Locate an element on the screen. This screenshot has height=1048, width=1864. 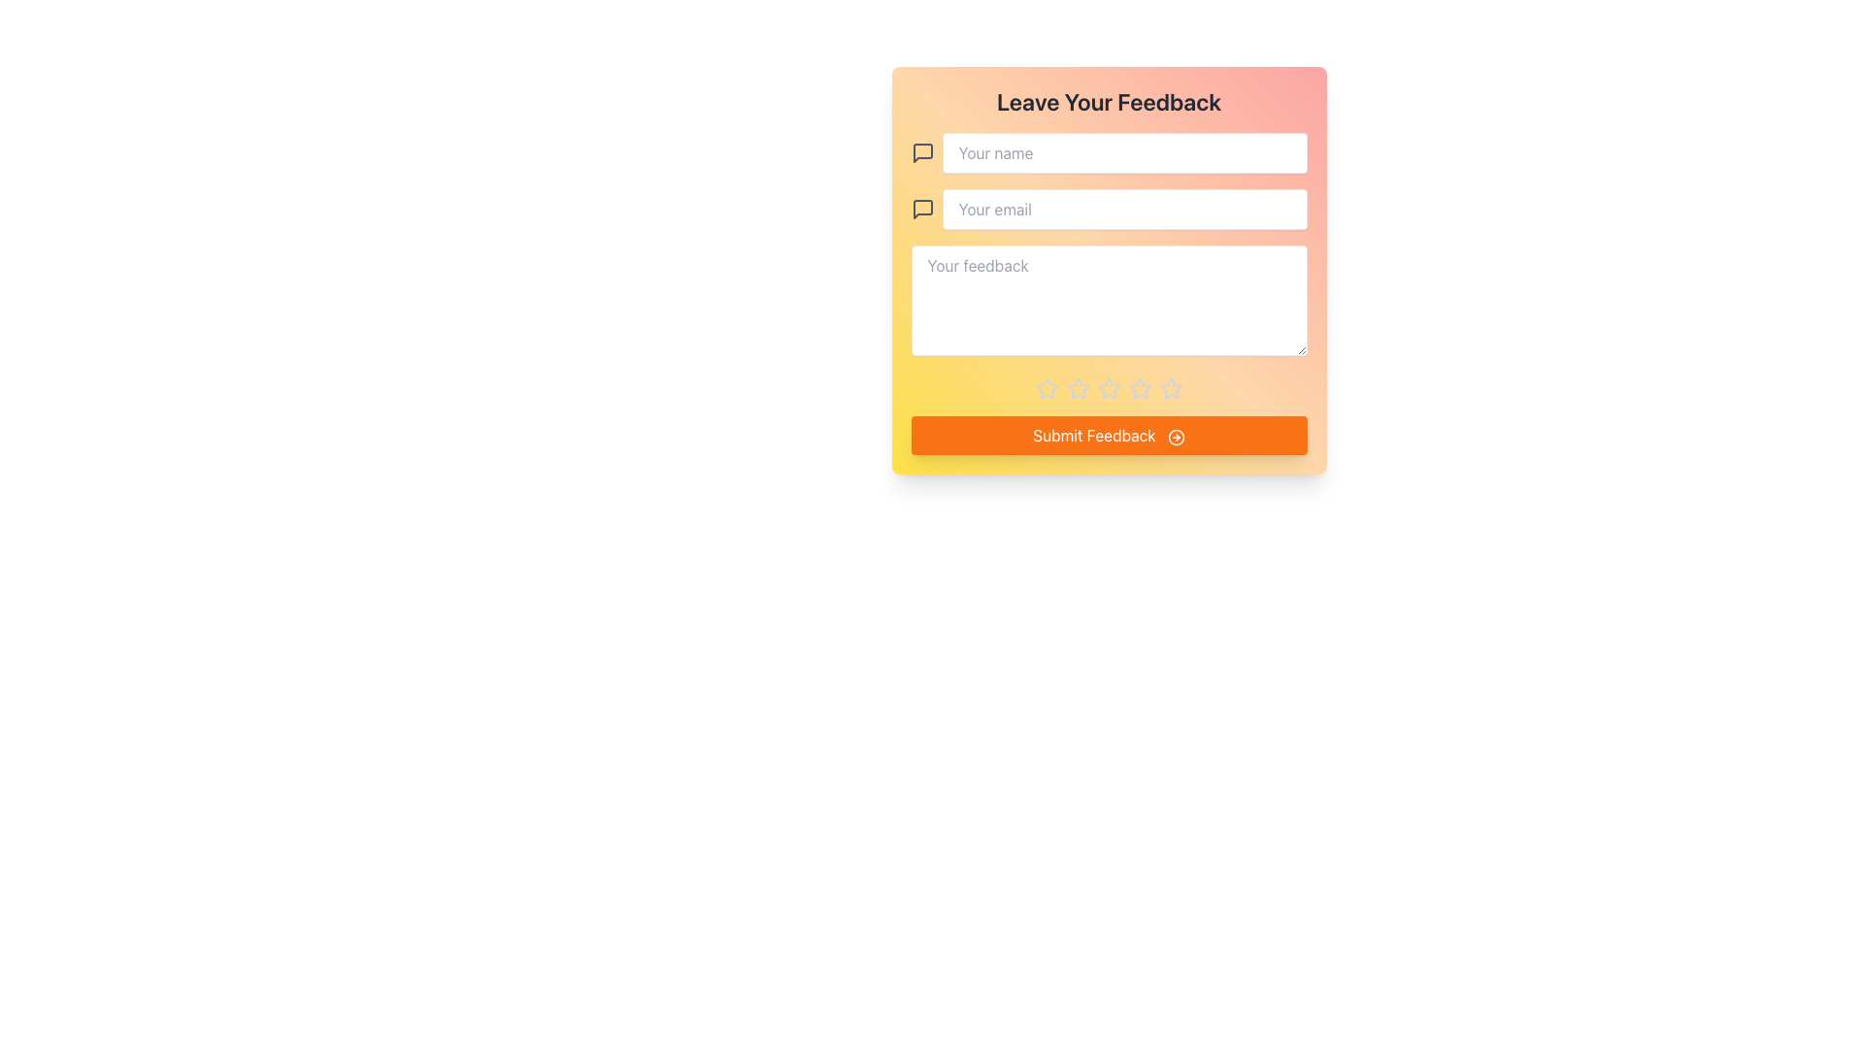
the first star-shaped rating icon in the feedback interface is located at coordinates (1046, 388).